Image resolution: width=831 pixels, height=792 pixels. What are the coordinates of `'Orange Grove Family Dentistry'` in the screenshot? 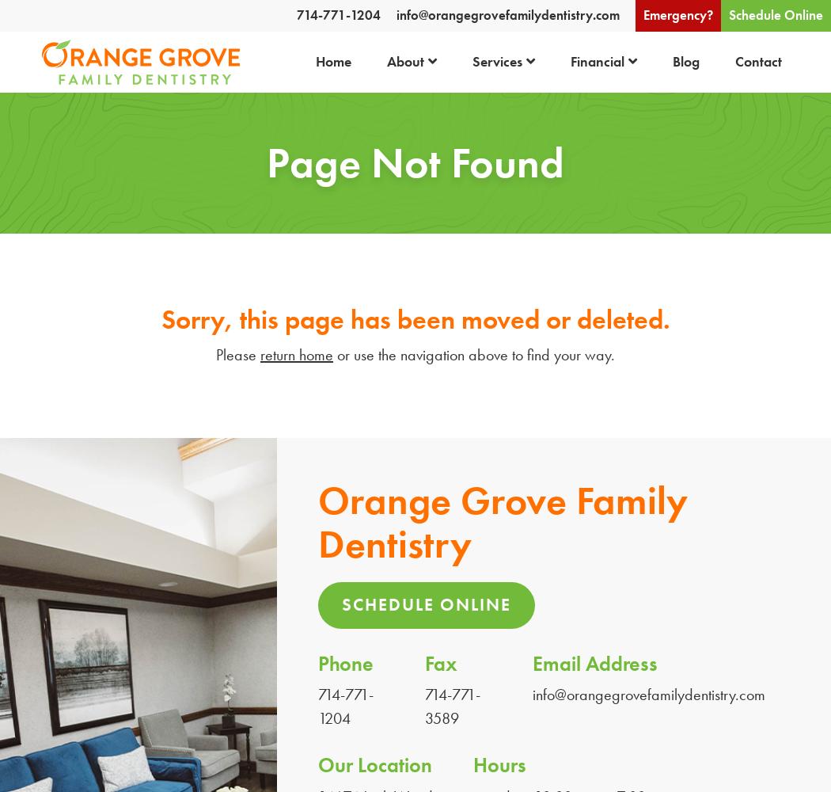 It's located at (318, 522).